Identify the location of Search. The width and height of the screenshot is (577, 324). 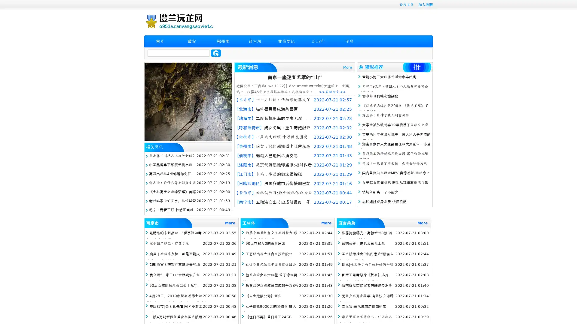
(216, 53).